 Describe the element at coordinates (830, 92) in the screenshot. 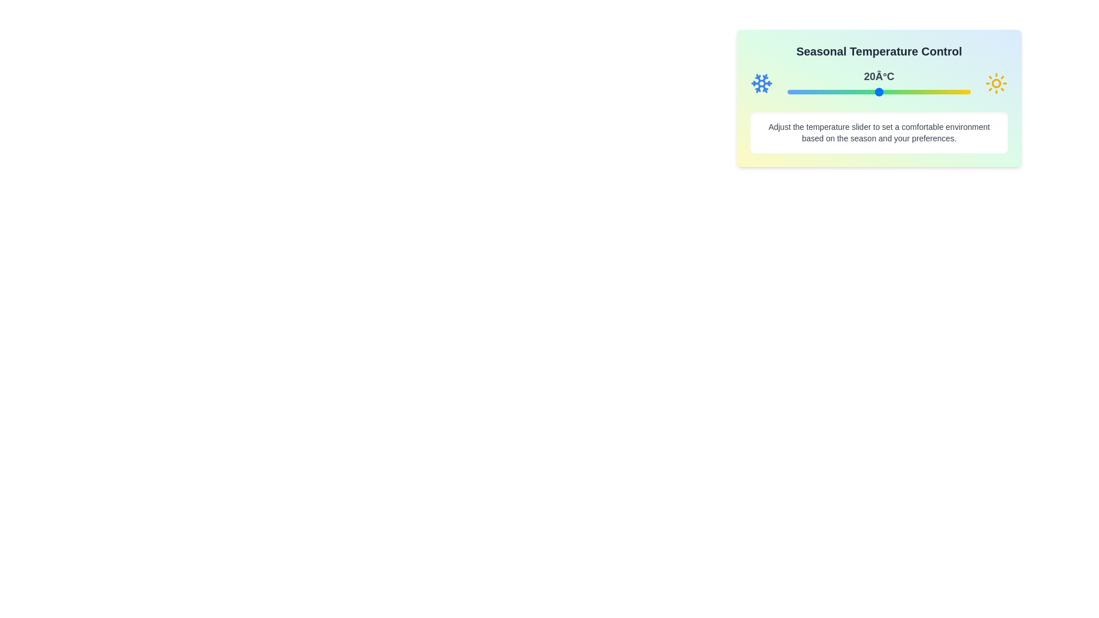

I see `the temperature slider to set the temperature to 4°C` at that location.